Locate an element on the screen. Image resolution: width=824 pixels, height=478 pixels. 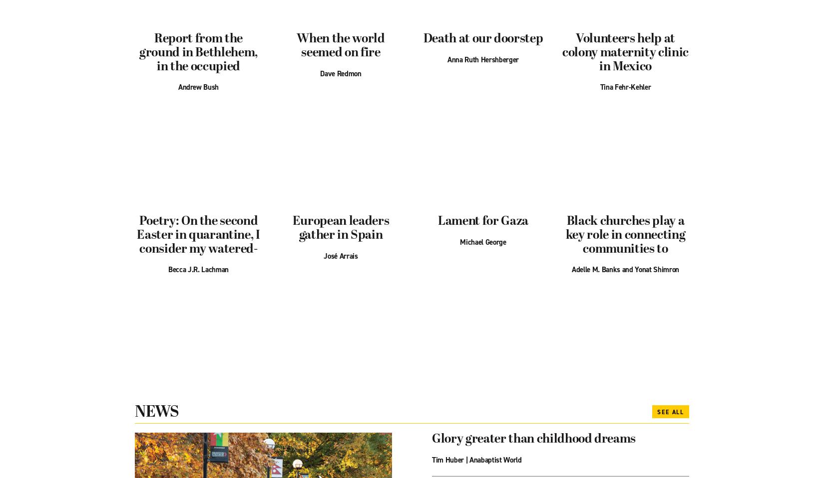
'Lament for Gaza' is located at coordinates (483, 221).